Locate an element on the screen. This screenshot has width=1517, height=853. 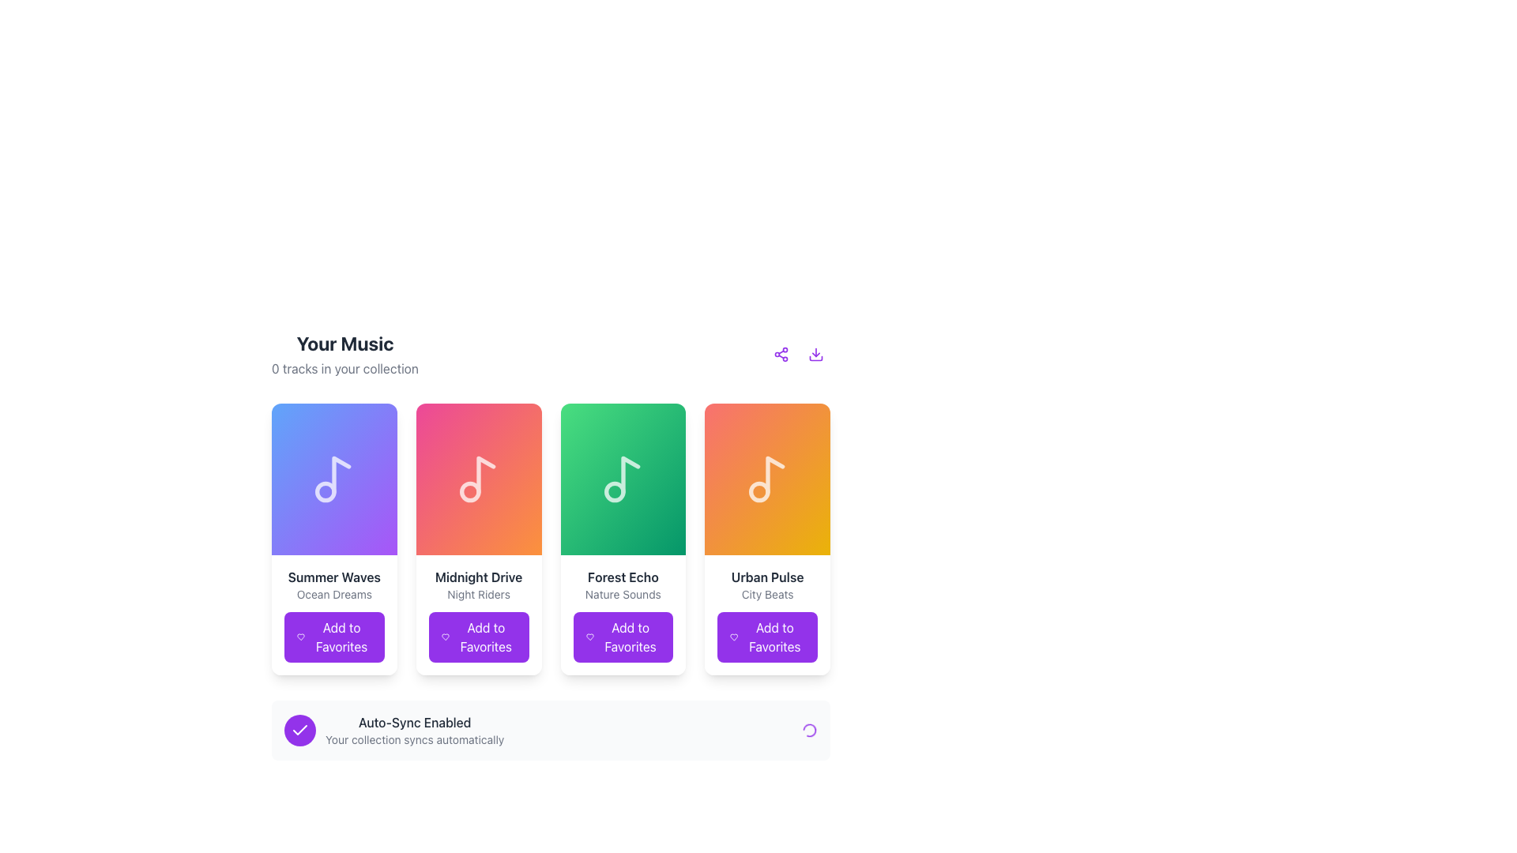
the decorative purpose of the small circular element located towards the lower-left of the musical note icon is located at coordinates (469, 491).